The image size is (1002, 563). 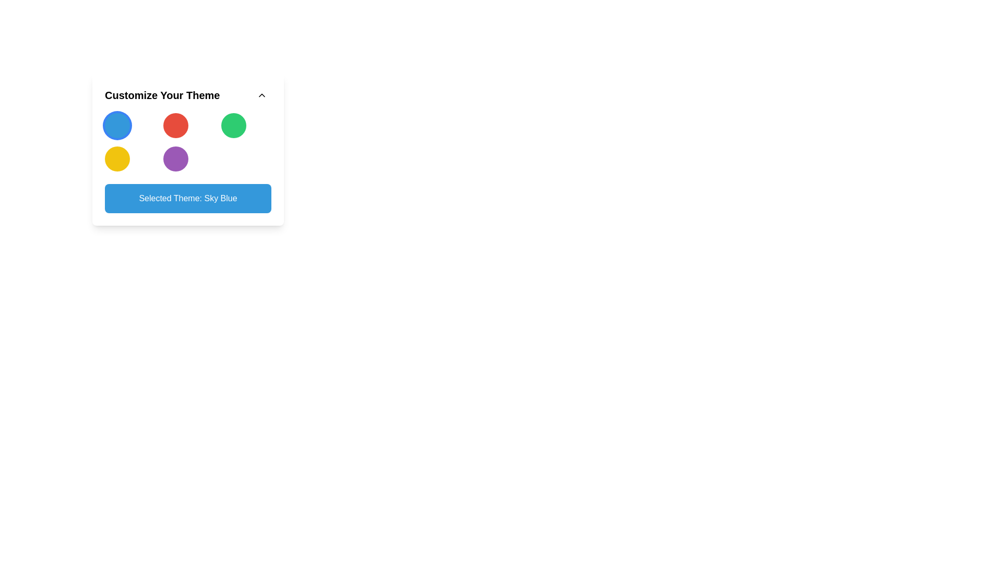 I want to click on the button for selecting the 'Violet Purple' theme, located in the center of the bottom row in a 2x3 grid of circular buttons within the theme customization panel, so click(x=188, y=149).